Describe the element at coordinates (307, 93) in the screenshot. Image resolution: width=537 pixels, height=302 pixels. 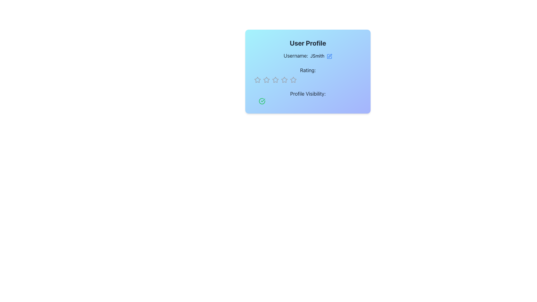
I see `the Text Label indicating profile visibility settings located beneath the 'Rating' row in the 'User Profile' card` at that location.